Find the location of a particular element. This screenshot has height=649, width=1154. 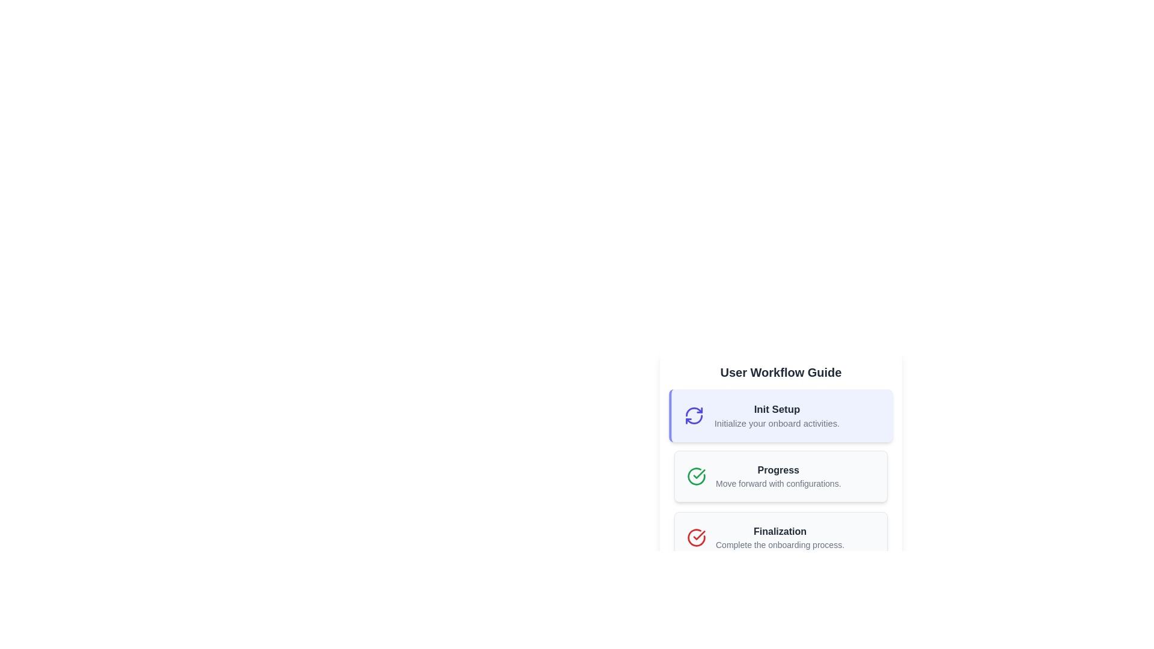

the static text description that provides additional contextual information related to the 'Init Setup' section of the guide, positioned immediately below the title 'Init Setup.' is located at coordinates (777, 422).